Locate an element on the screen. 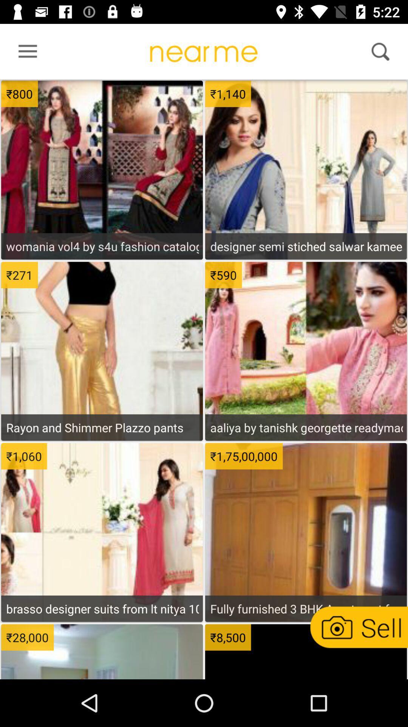 The image size is (408, 727). the designer semi stiched is located at coordinates (306, 246).